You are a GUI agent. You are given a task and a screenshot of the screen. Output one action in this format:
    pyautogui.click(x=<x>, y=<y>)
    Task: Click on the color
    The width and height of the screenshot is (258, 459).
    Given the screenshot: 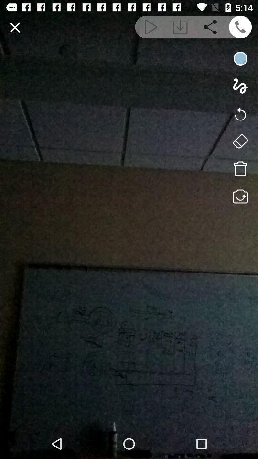 What is the action you would take?
    pyautogui.click(x=240, y=58)
    